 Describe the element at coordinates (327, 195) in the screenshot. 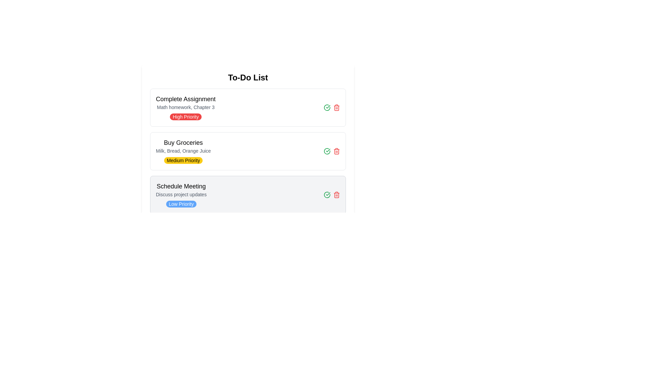

I see `the button that marks the associated task as completed, located to the right of the task details in the 'Buy Groceries' section` at that location.